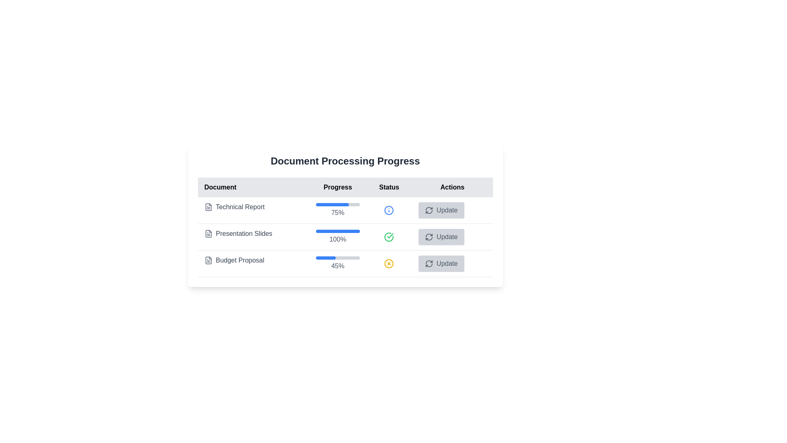  Describe the element at coordinates (441, 237) in the screenshot. I see `the 'Update' button with a refresh icon in the 'Actions' column of the document processing progress table for 'Presentation Slides'` at that location.